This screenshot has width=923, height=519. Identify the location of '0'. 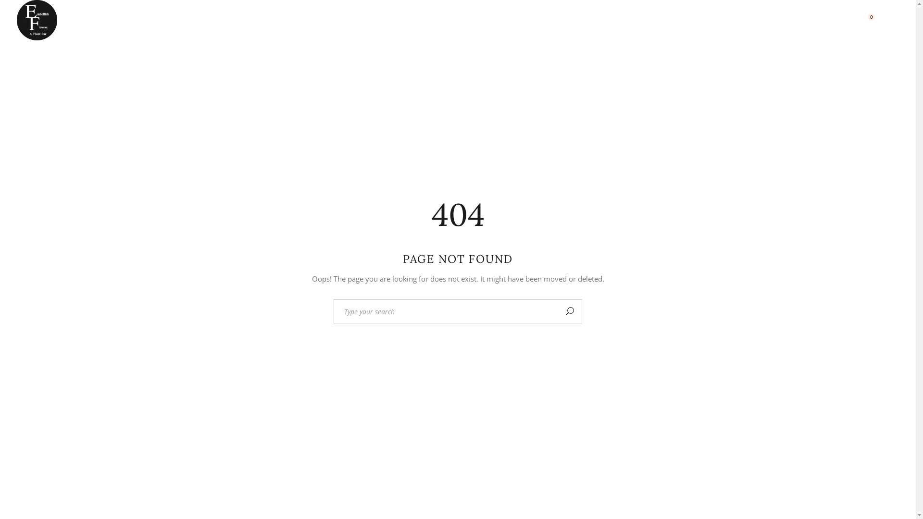
(866, 20).